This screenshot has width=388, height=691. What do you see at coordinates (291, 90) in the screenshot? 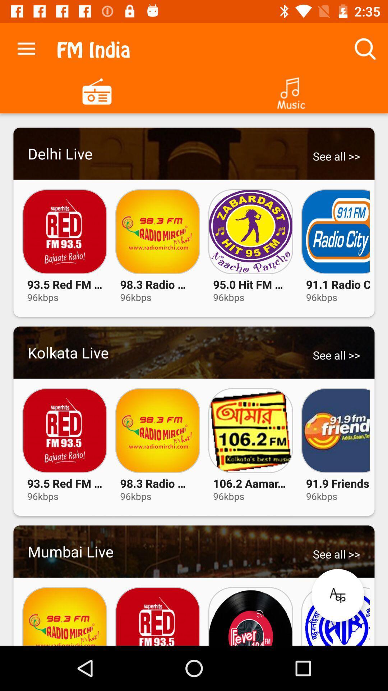
I see `look for music` at bounding box center [291, 90].